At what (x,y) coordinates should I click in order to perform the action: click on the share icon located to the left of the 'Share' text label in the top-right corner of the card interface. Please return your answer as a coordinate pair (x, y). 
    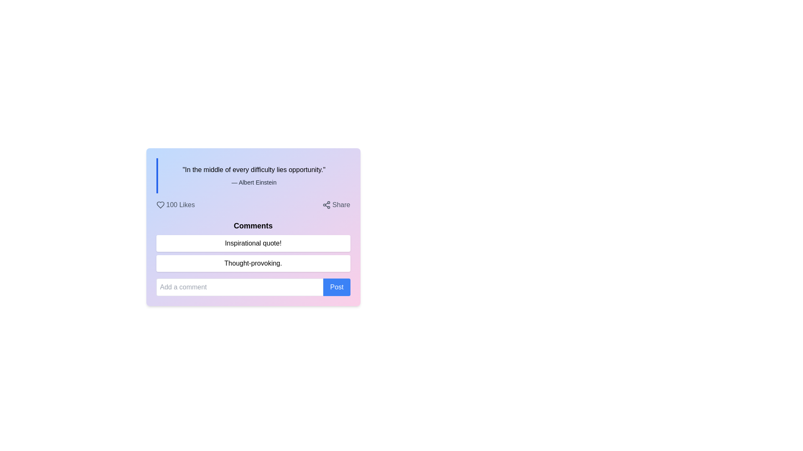
    Looking at the image, I should click on (326, 205).